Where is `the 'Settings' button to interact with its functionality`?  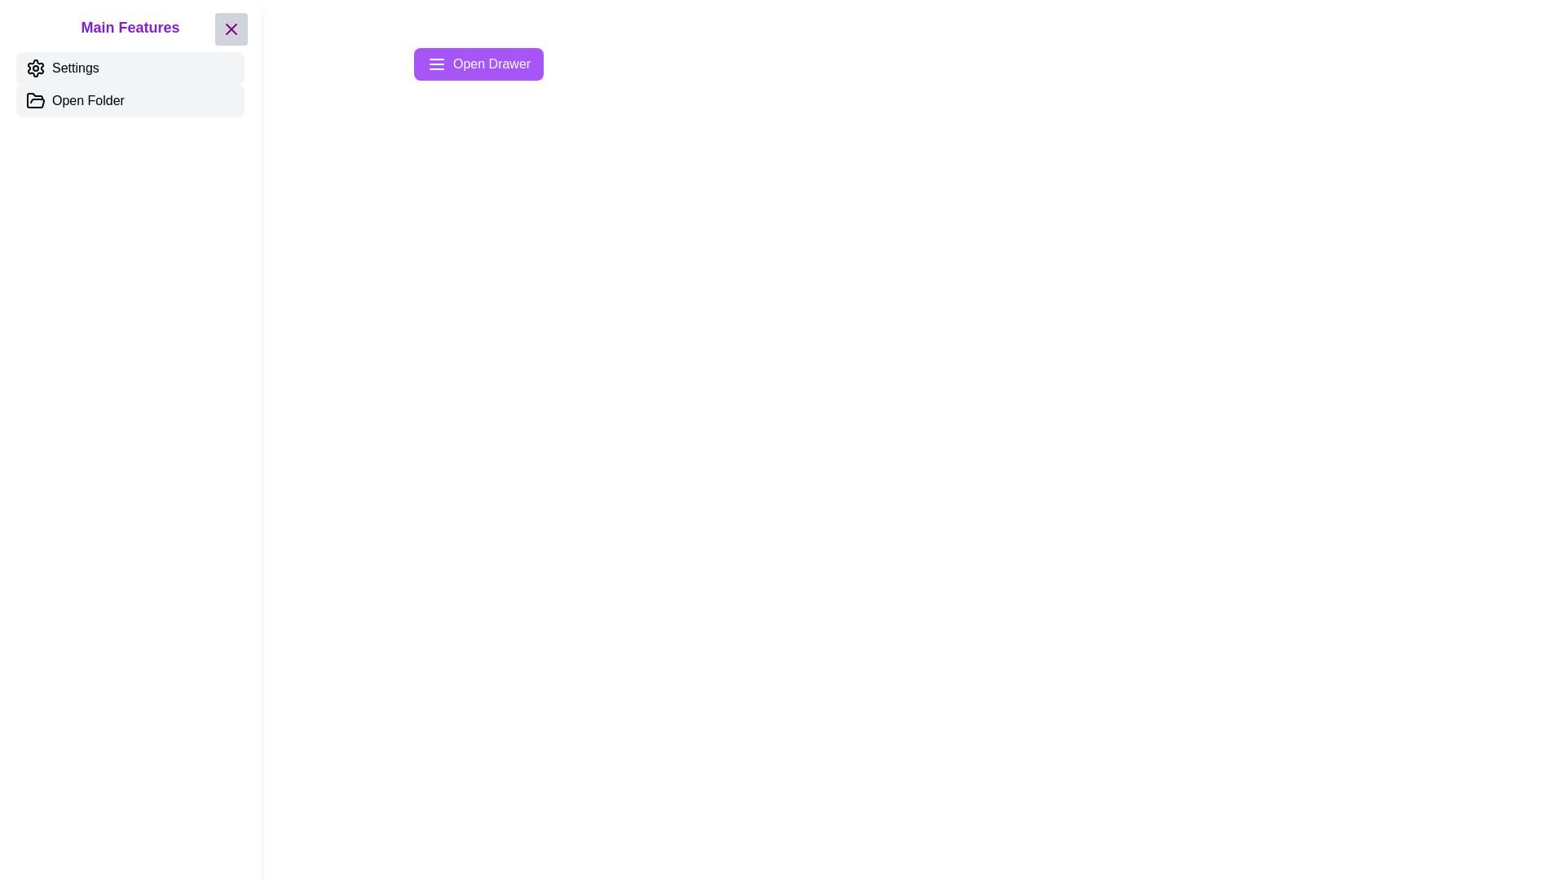 the 'Settings' button to interact with its functionality is located at coordinates (129, 68).